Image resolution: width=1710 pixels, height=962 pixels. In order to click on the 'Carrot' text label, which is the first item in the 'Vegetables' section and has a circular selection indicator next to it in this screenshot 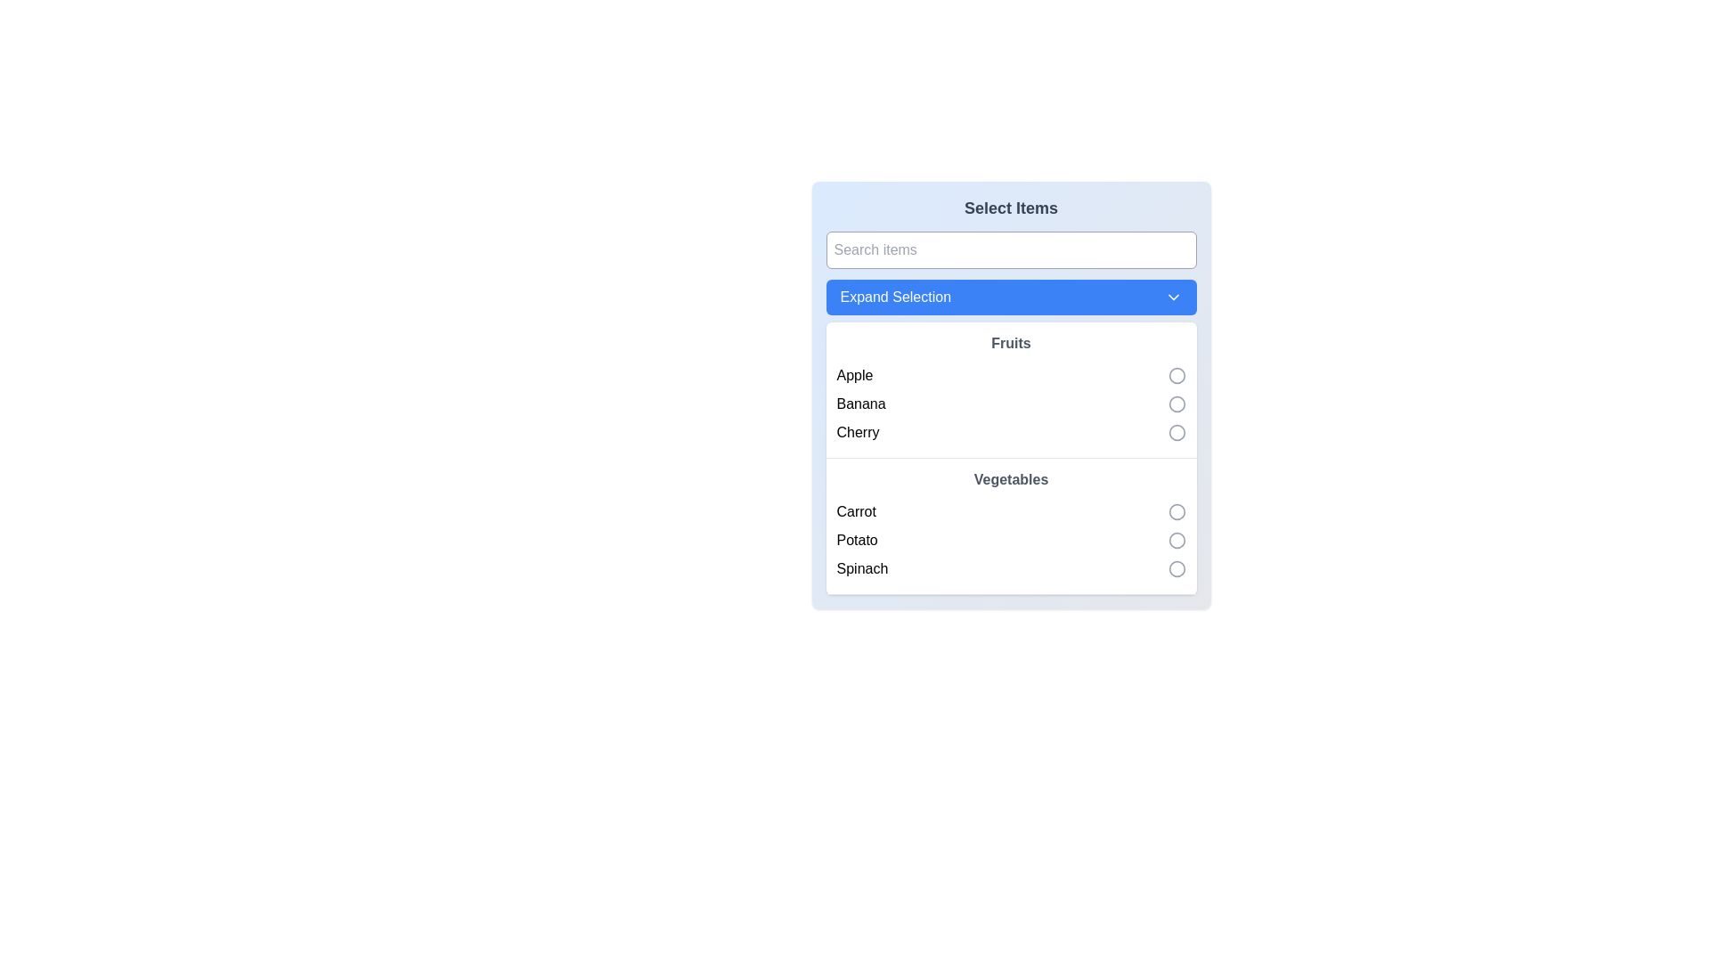, I will do `click(856, 511)`.